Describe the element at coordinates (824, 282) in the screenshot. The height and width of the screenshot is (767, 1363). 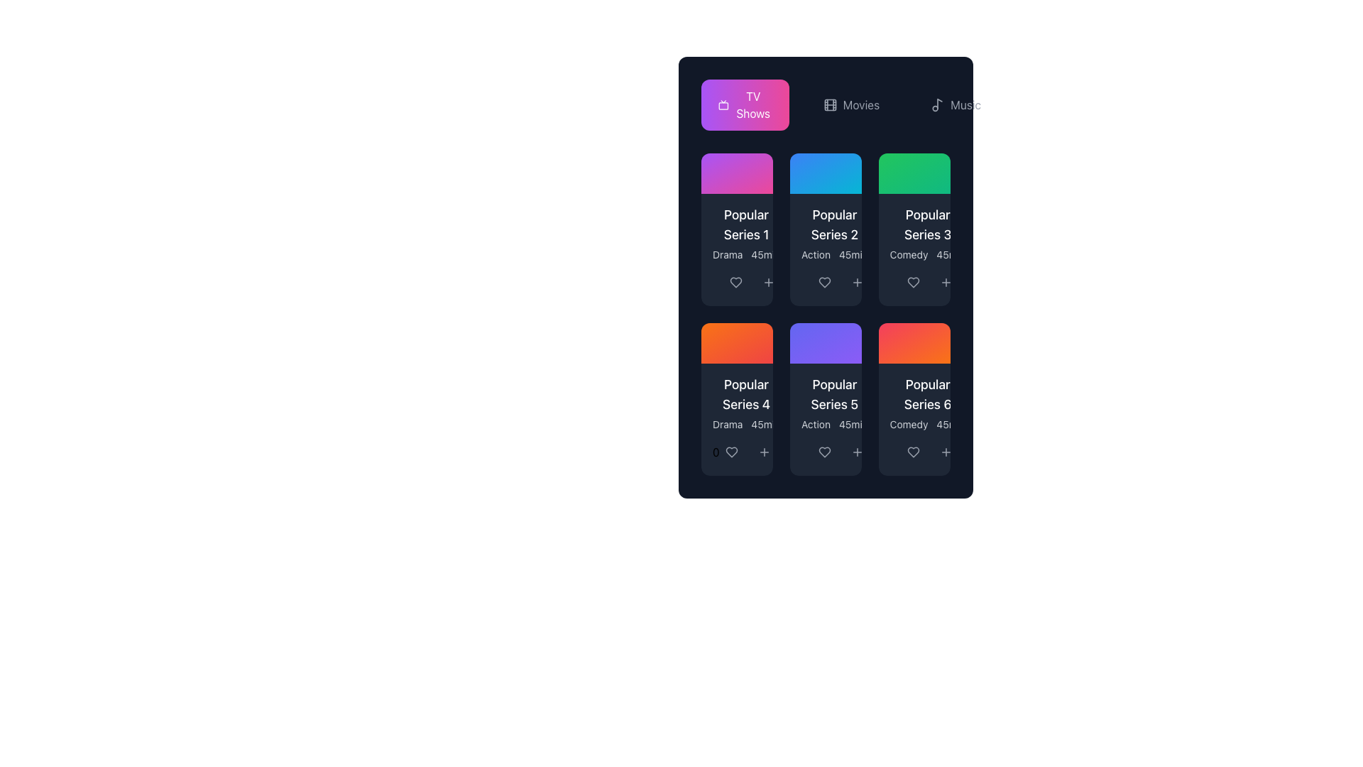
I see `the heart-shaped icon outlined in light gray, located in the bottom section of the card for 'Popular Series 2', centered near the bottom of the card, directly above the '+' icon` at that location.